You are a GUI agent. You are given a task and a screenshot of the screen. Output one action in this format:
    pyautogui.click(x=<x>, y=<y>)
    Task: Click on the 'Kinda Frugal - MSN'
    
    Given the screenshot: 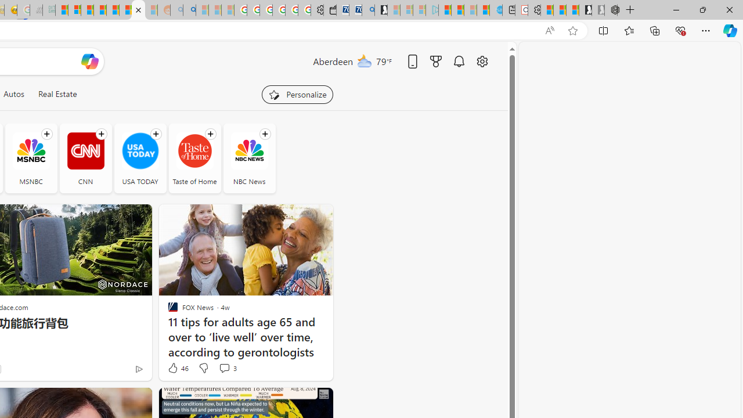 What is the action you would take?
    pyautogui.click(x=125, y=10)
    